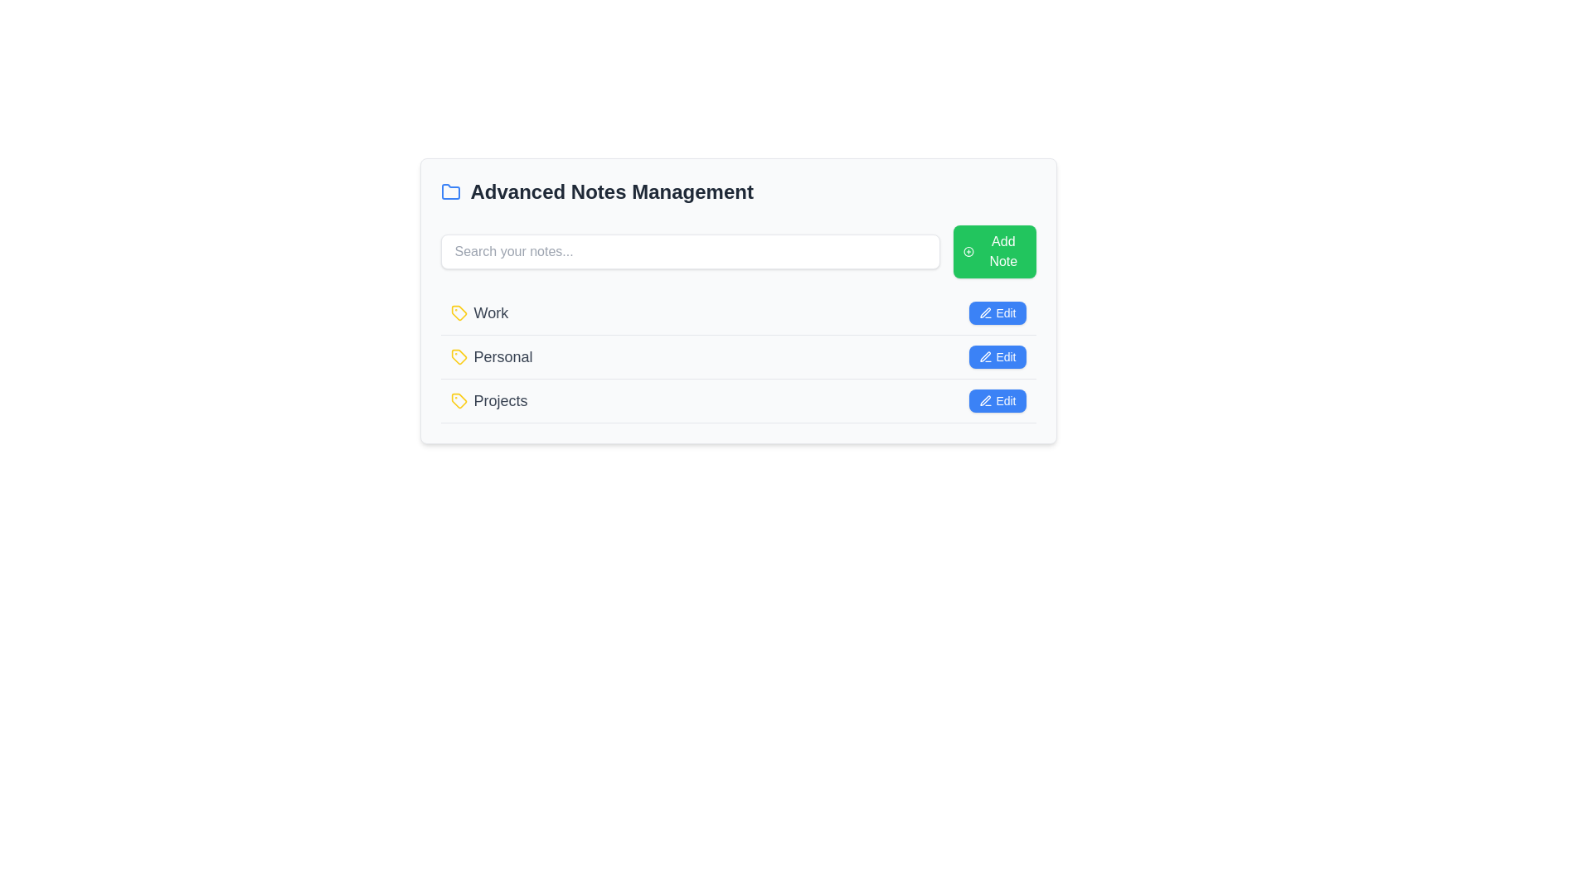  I want to click on text of the Header labeled 'Advanced Notes Management' which is styled in bold, large dark gray font, and located below the main application header to the right of a blue folder icon, so click(611, 191).